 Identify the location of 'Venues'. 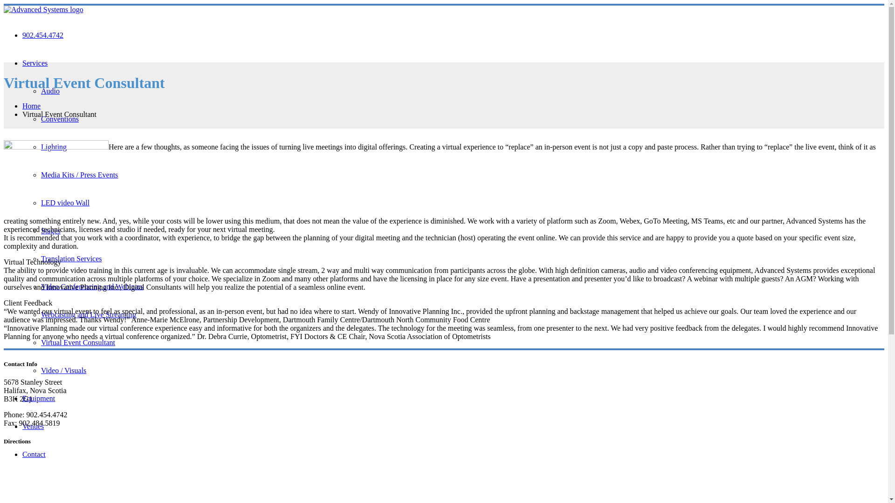
(33, 426).